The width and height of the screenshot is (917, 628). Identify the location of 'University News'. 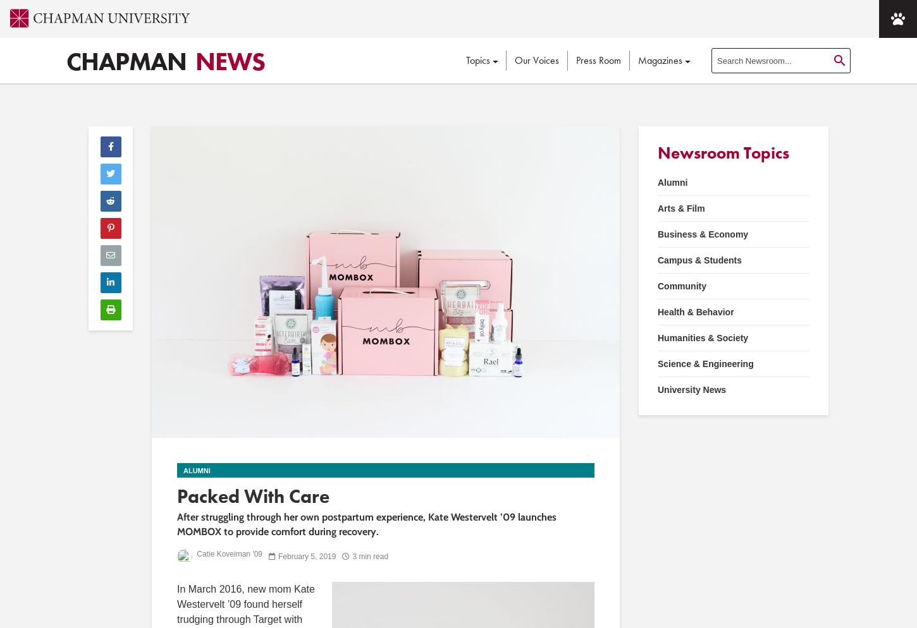
(691, 389).